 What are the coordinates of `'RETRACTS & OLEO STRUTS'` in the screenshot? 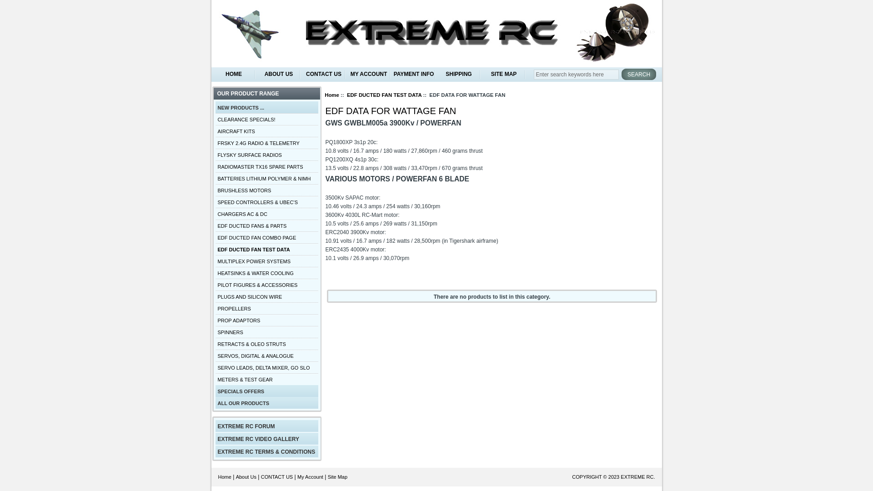 It's located at (266, 344).